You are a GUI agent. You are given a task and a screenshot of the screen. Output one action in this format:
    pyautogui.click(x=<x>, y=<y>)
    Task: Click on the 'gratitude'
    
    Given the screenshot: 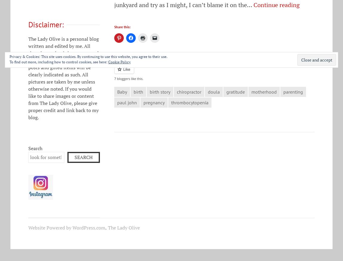 What is the action you would take?
    pyautogui.click(x=235, y=92)
    